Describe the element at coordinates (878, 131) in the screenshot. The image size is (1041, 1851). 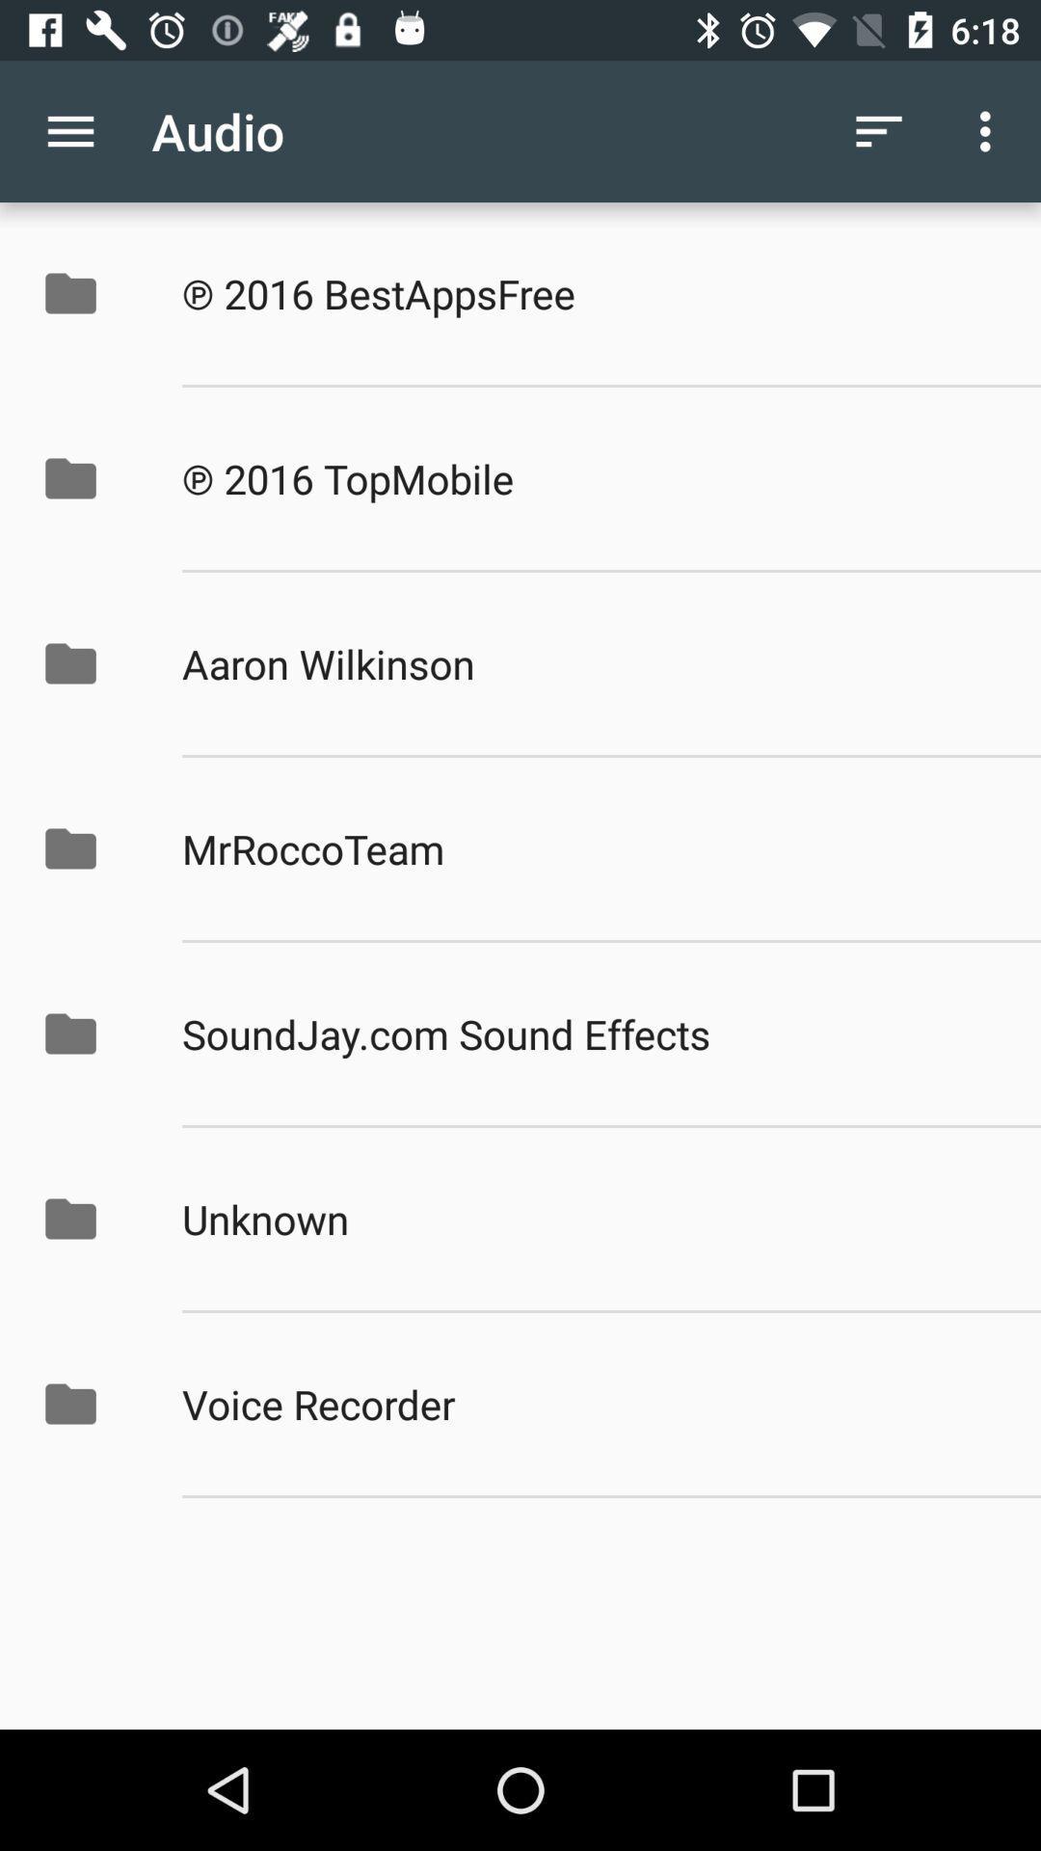
I see `the button which is next to the audio` at that location.